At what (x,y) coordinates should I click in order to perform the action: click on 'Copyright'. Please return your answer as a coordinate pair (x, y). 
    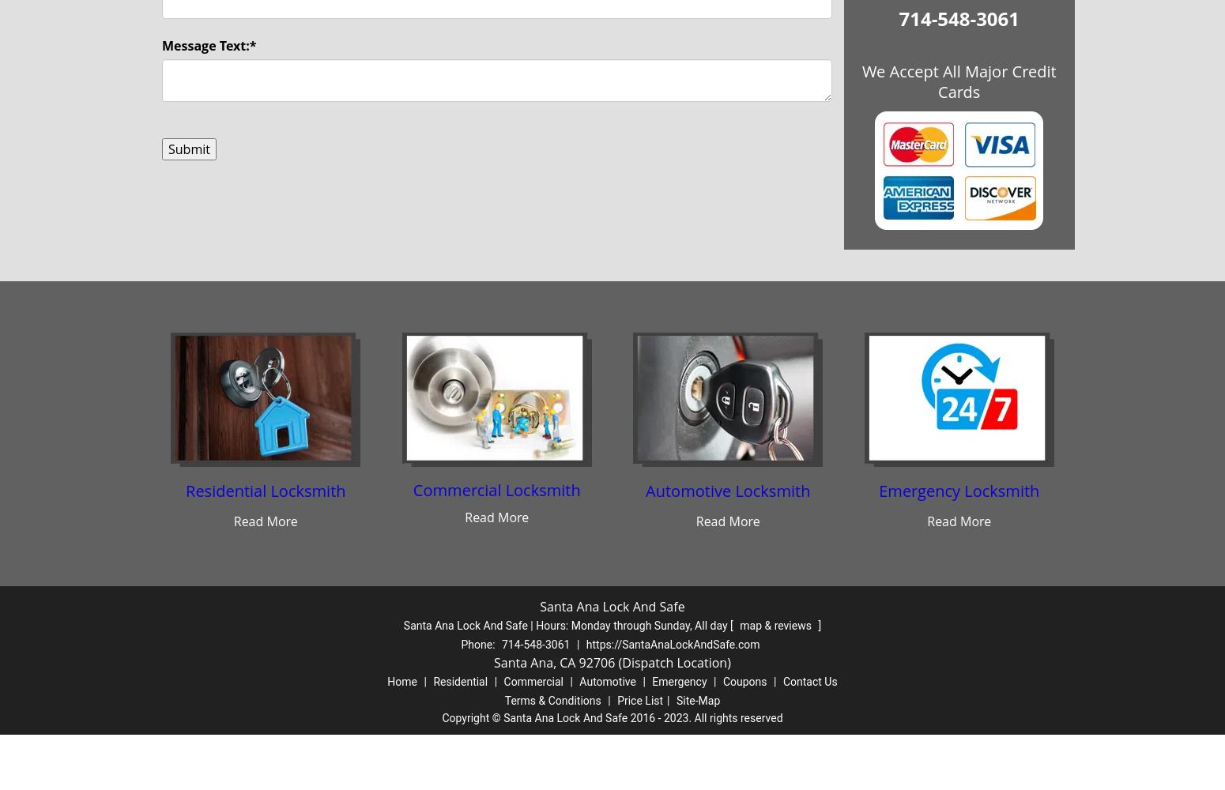
    Looking at the image, I should click on (466, 718).